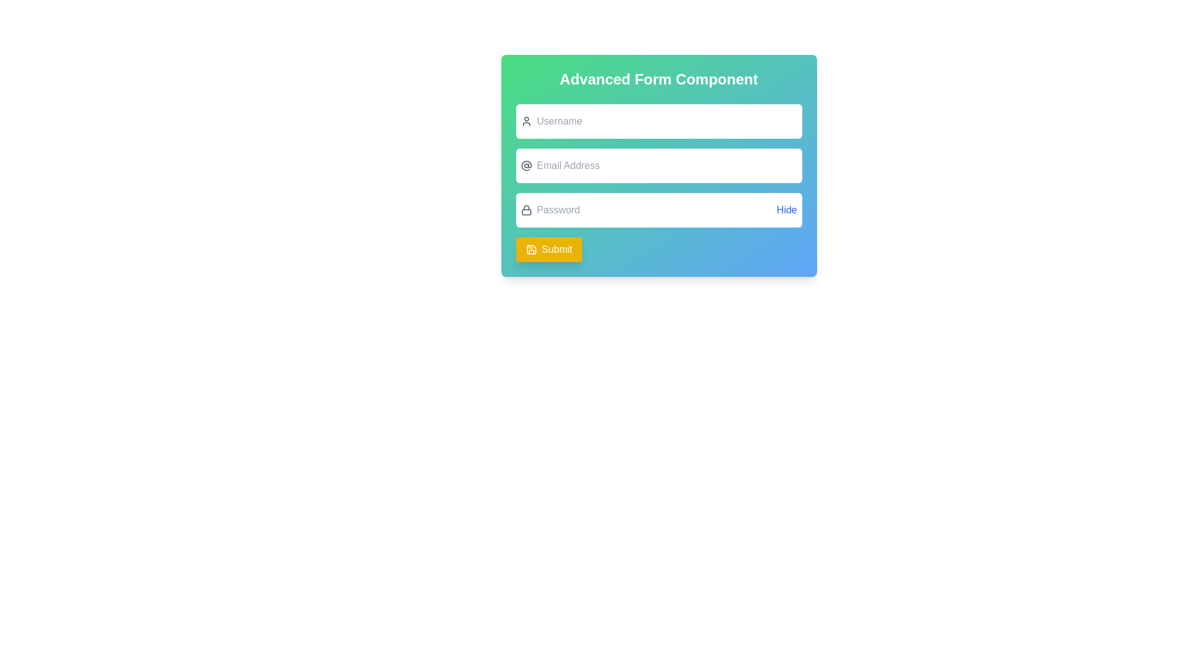 The height and width of the screenshot is (666, 1184). I want to click on the password input field icon that indicates it is for entering a secure password, located to the left of the password input field and the 'Hide' button, so click(526, 209).